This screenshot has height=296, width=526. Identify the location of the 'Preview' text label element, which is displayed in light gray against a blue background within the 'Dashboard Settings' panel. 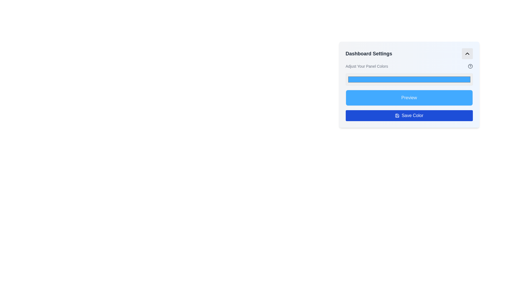
(409, 98).